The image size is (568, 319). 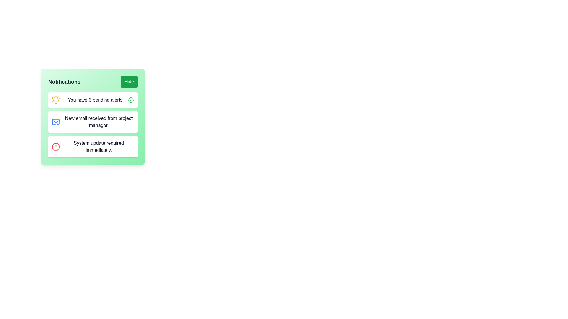 I want to click on the alert icon located within the notification card, next to the text 'System update required immediately.', so click(x=56, y=147).